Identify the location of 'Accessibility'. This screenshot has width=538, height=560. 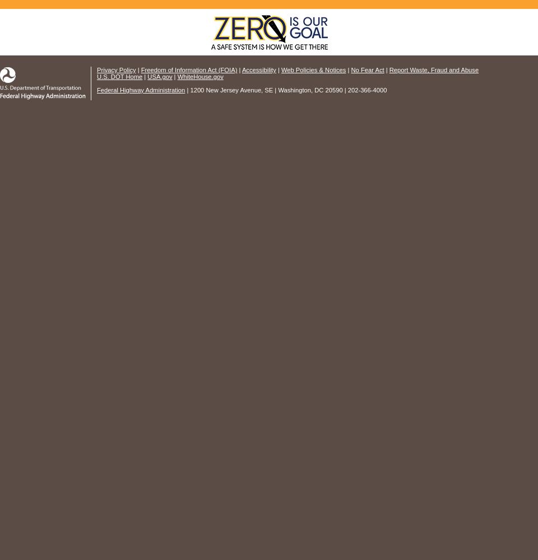
(258, 70).